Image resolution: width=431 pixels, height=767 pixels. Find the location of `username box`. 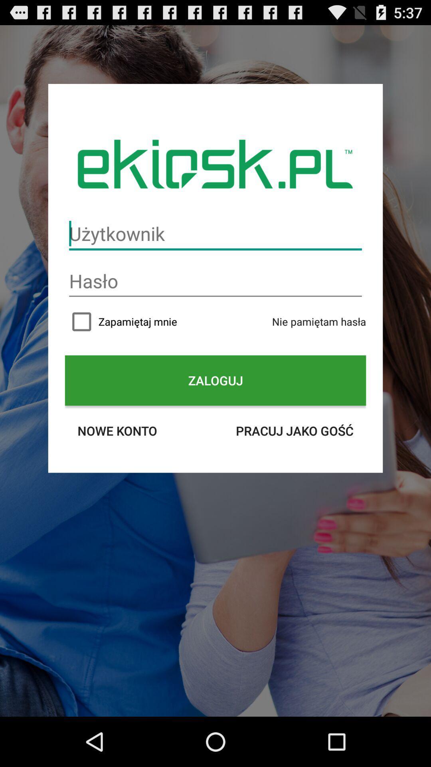

username box is located at coordinates (215, 233).